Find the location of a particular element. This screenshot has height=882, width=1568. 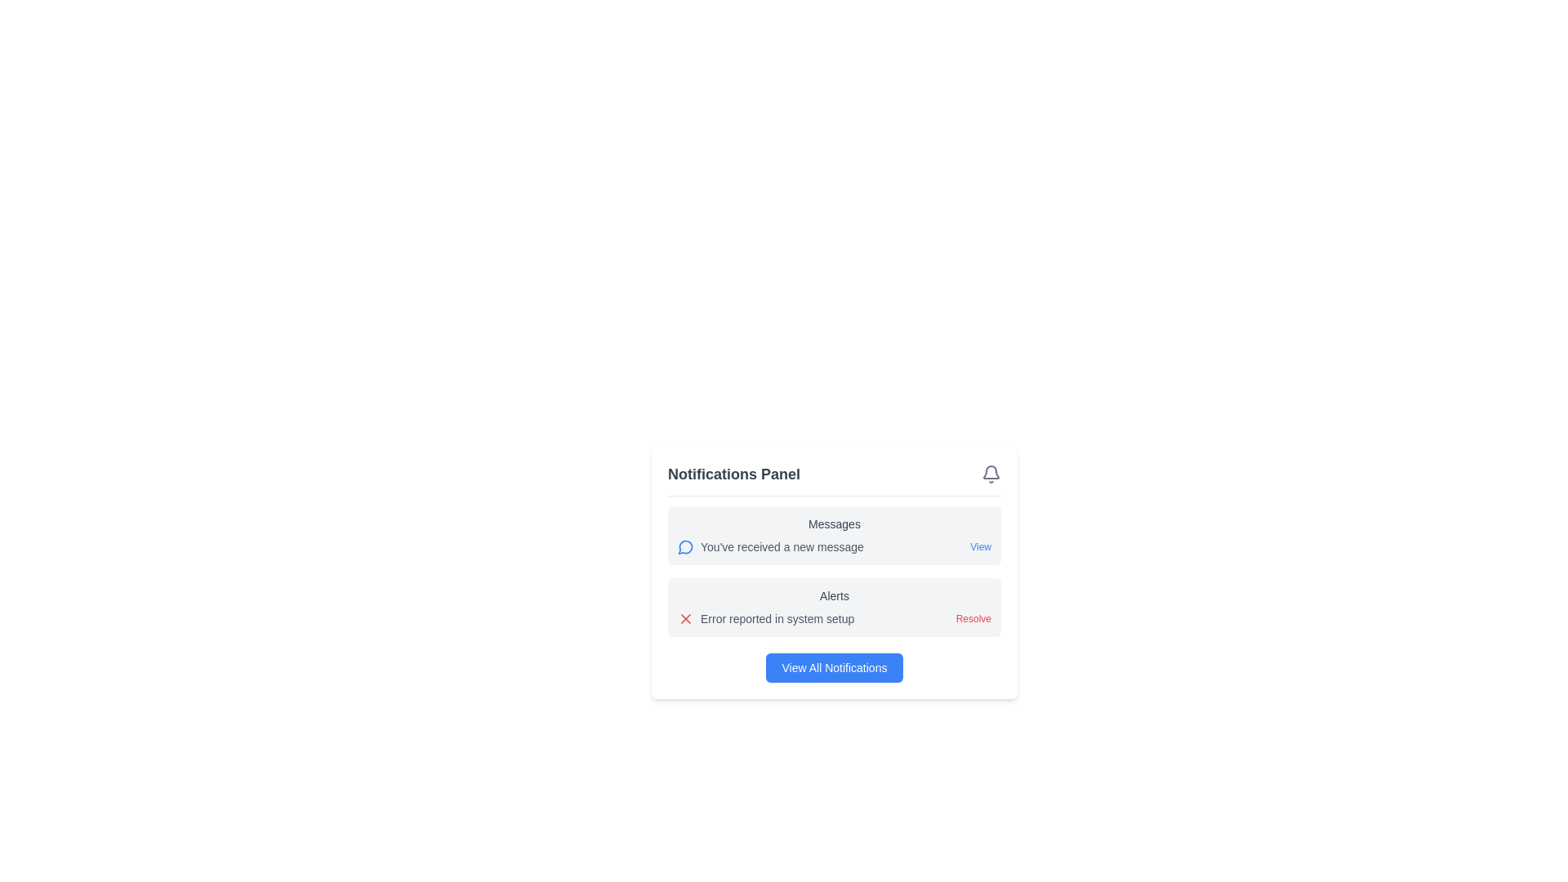

the button located at the center of the bottom section of the notification panel is located at coordinates (835, 667).